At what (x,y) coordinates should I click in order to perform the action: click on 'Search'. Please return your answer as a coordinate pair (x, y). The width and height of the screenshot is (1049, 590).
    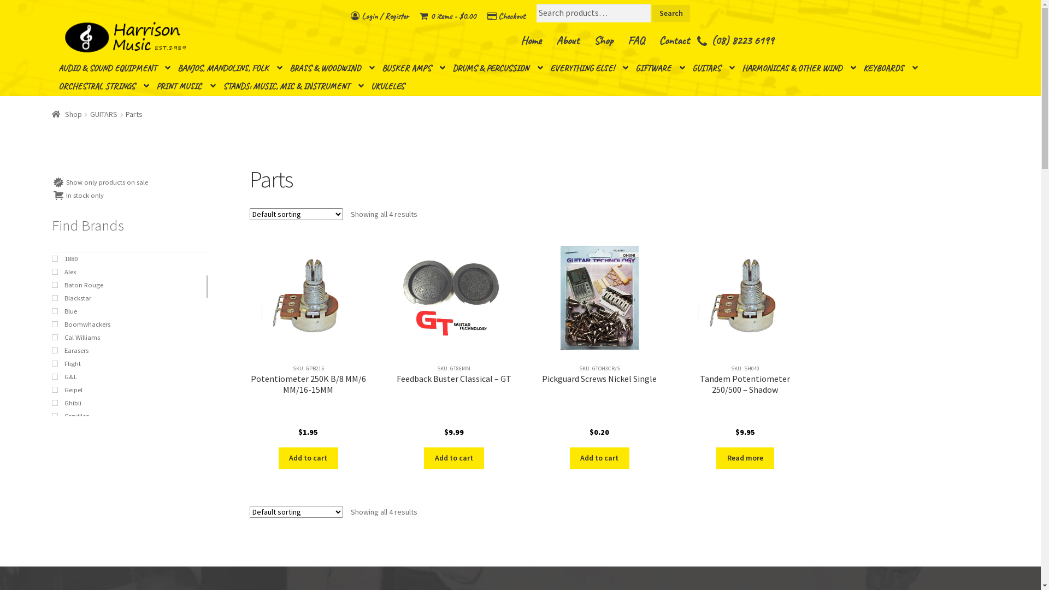
    Looking at the image, I should click on (670, 13).